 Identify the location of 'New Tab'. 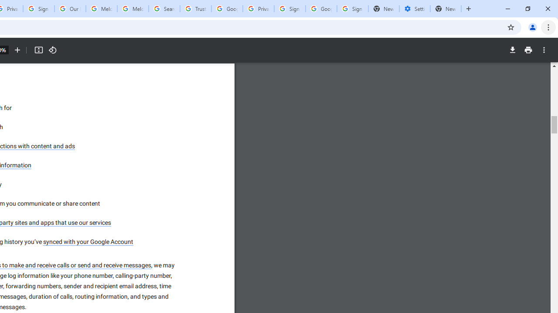
(468, 9).